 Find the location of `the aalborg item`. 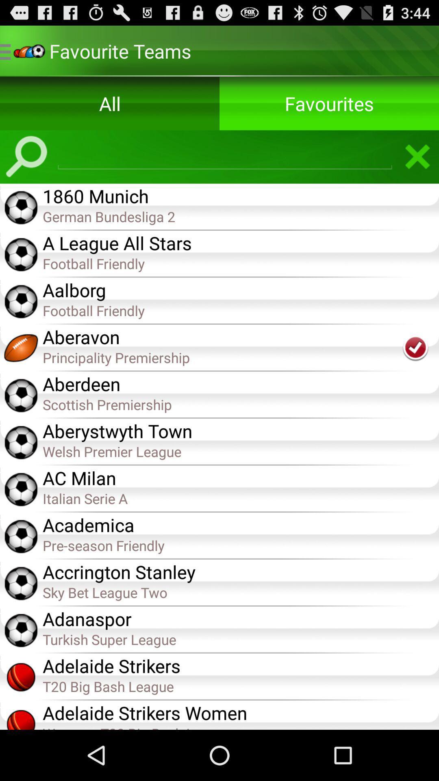

the aalborg item is located at coordinates (240, 289).